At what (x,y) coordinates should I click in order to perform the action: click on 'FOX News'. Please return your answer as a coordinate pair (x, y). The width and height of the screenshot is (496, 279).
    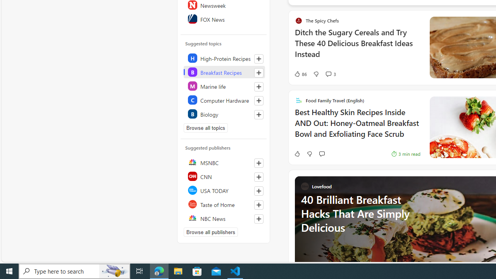
    Looking at the image, I should click on (224, 18).